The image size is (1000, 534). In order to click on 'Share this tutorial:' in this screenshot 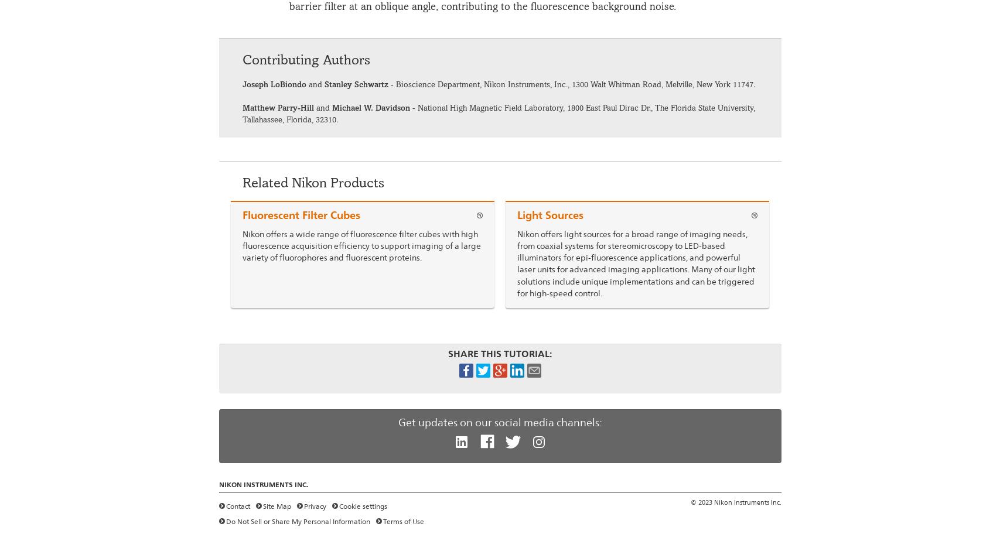, I will do `click(500, 353)`.